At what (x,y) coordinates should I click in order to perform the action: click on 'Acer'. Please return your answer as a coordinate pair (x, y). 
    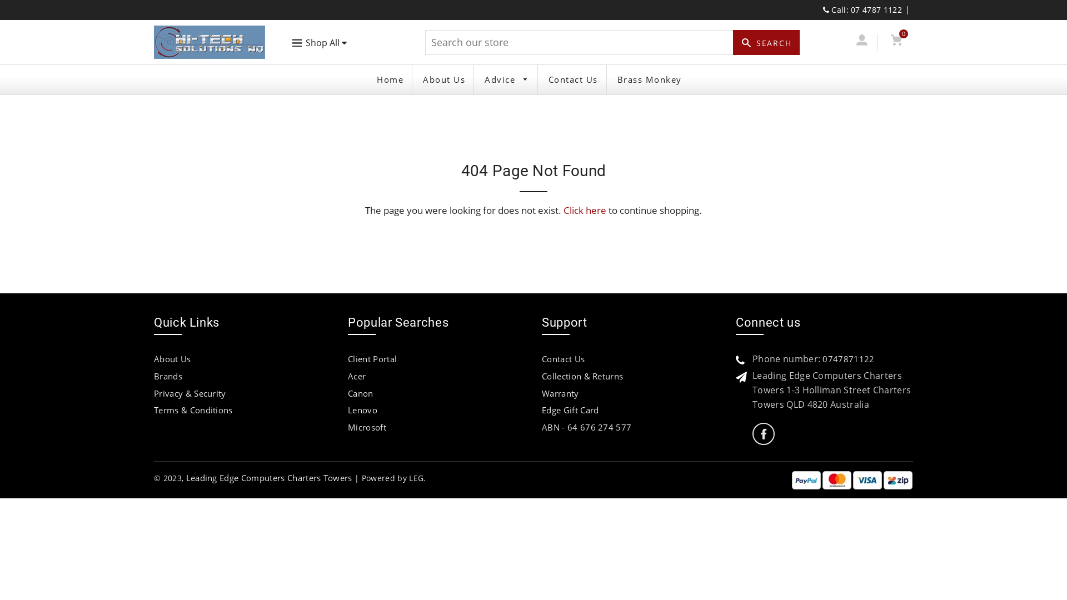
    Looking at the image, I should click on (357, 376).